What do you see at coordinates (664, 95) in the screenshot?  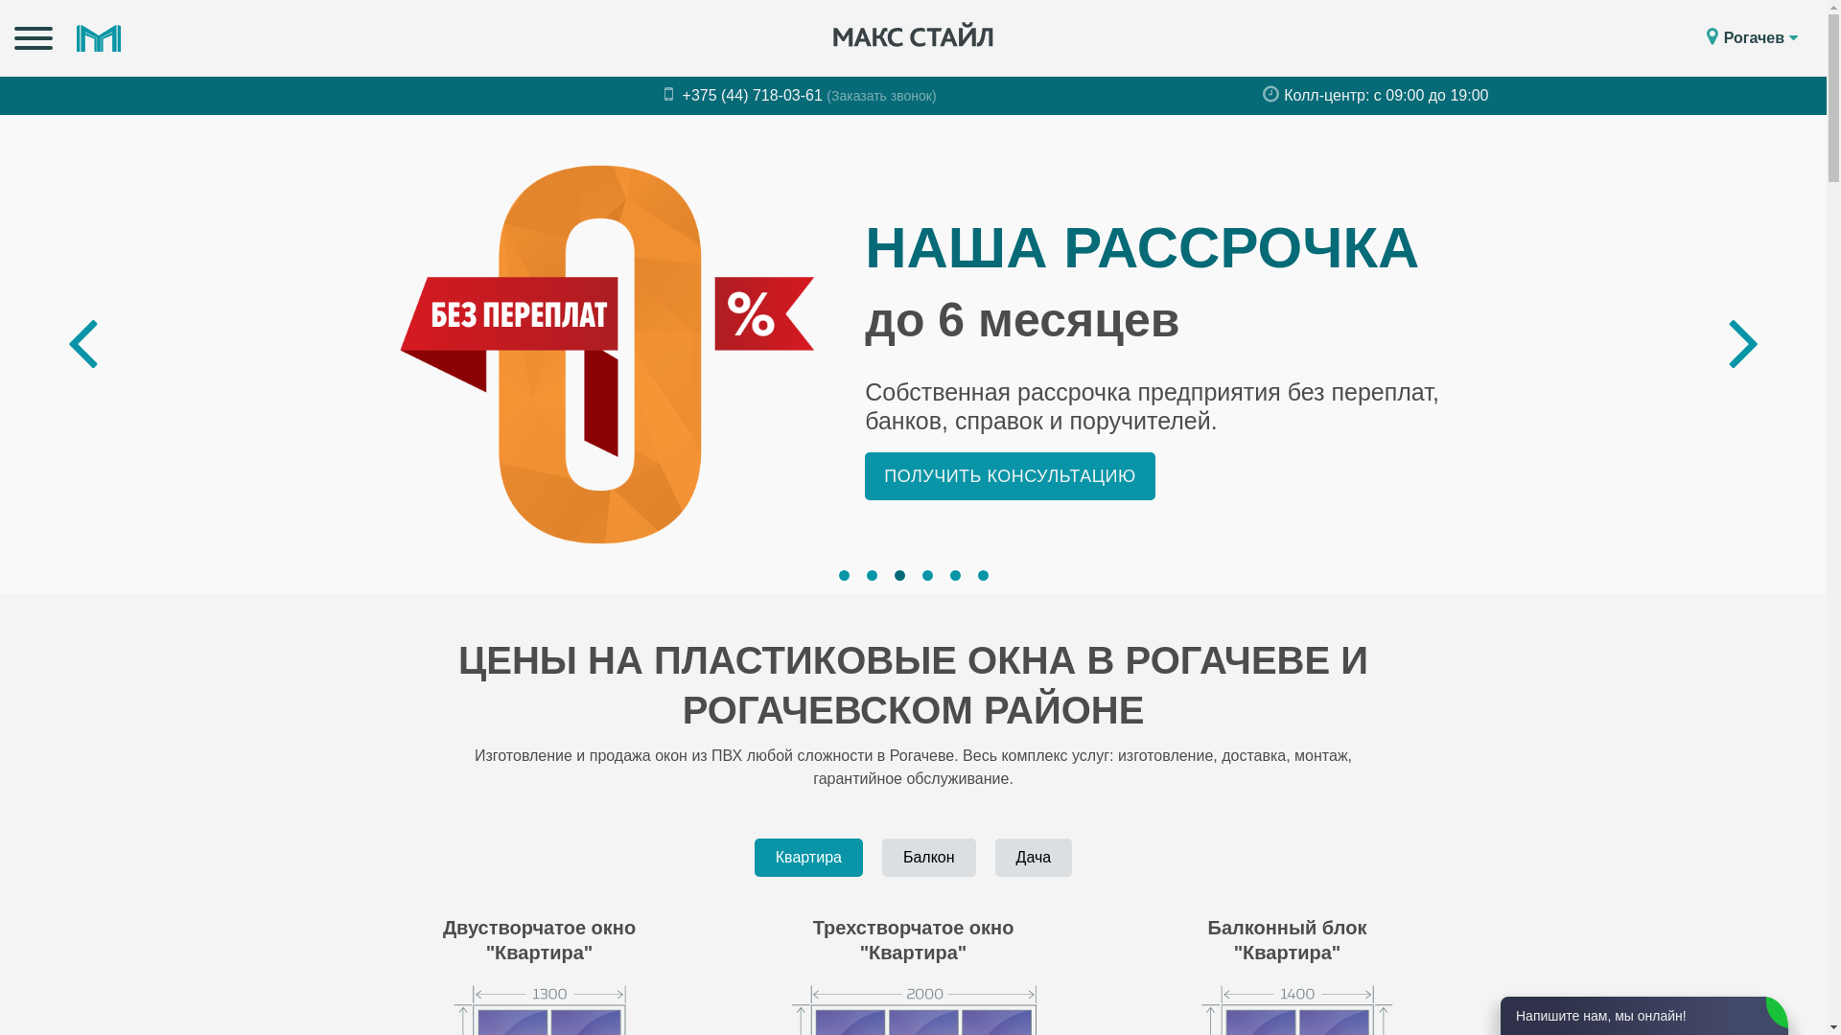 I see `'+375 (44) 718-03-61'` at bounding box center [664, 95].